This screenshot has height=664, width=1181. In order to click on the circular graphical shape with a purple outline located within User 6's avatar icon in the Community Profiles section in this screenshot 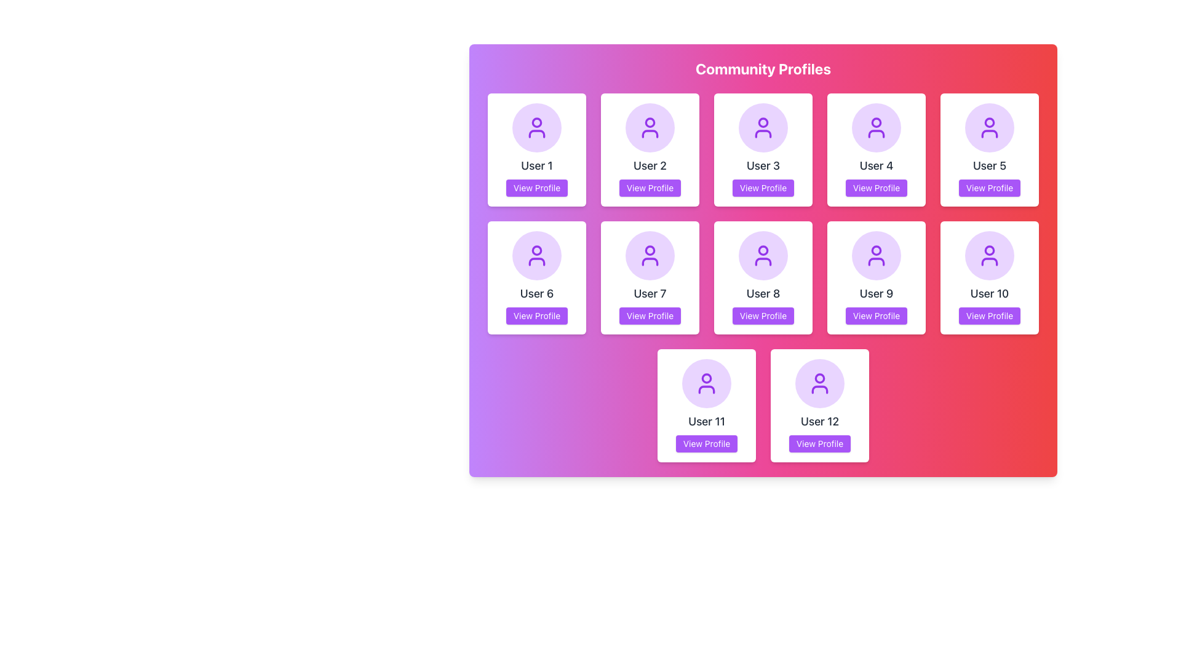, I will do `click(537, 250)`.